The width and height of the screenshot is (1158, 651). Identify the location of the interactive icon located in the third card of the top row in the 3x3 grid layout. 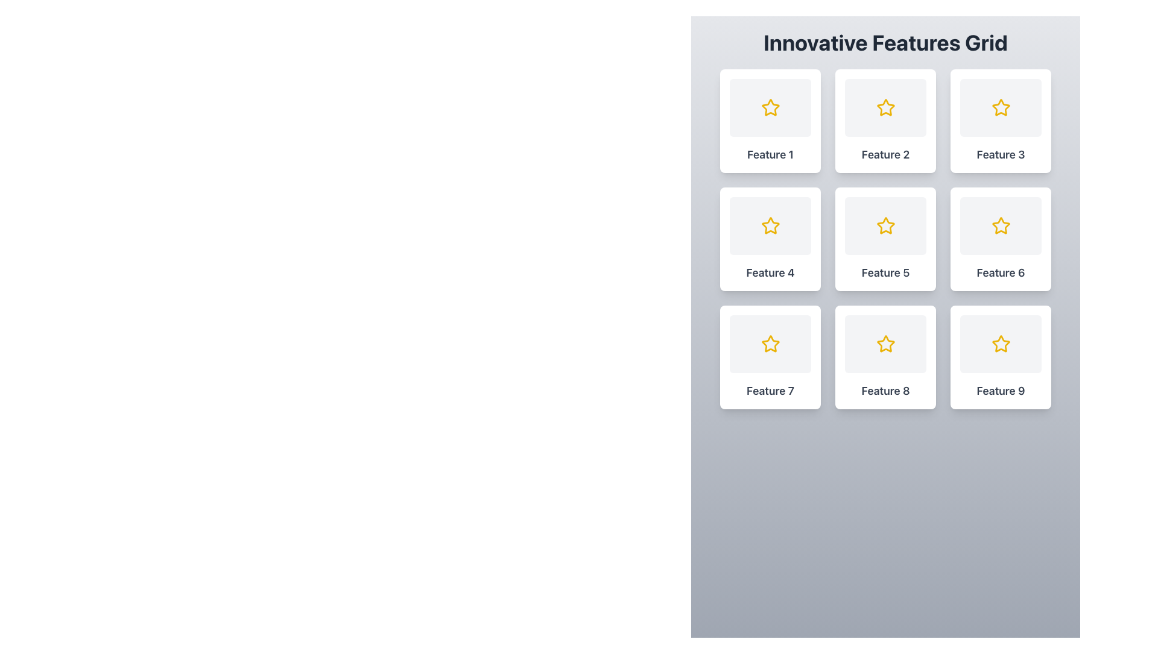
(1001, 107).